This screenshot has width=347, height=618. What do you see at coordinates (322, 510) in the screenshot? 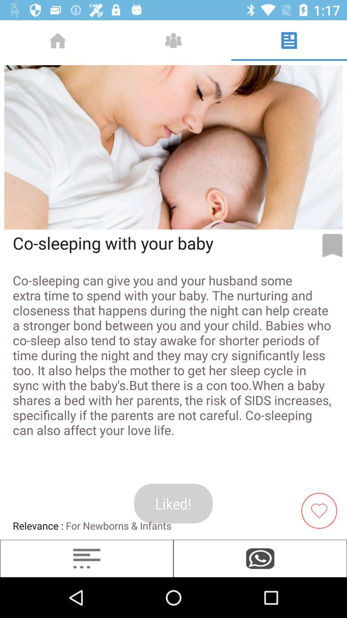
I see `the article` at bounding box center [322, 510].